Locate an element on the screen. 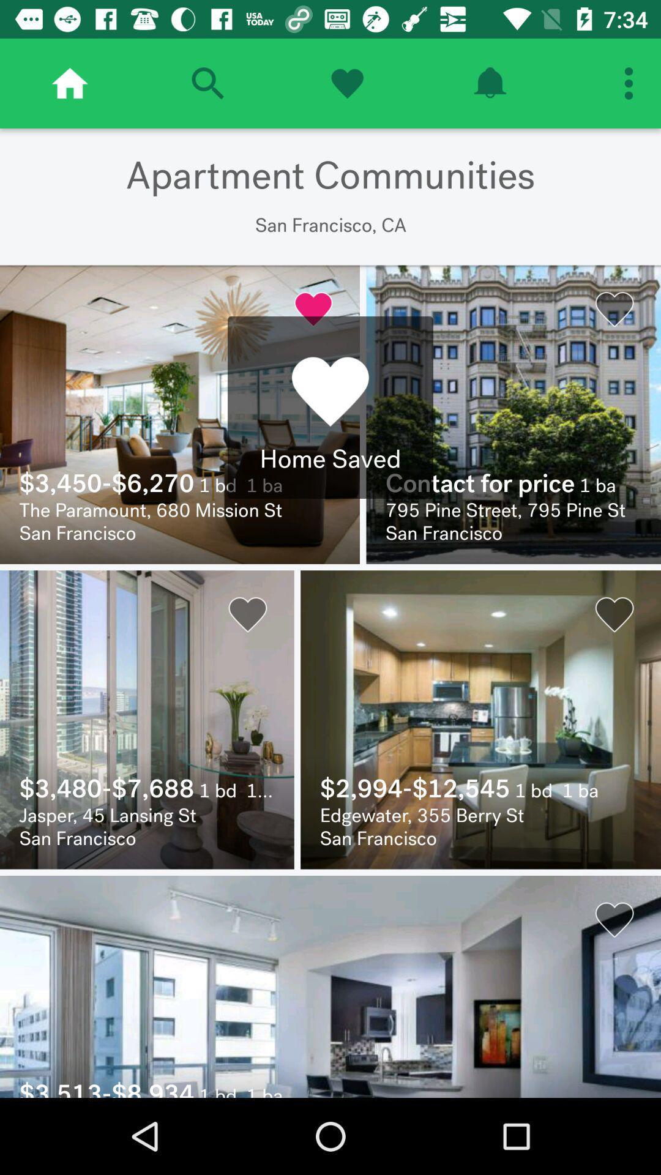 The height and width of the screenshot is (1175, 661). search for apartments is located at coordinates (207, 83).